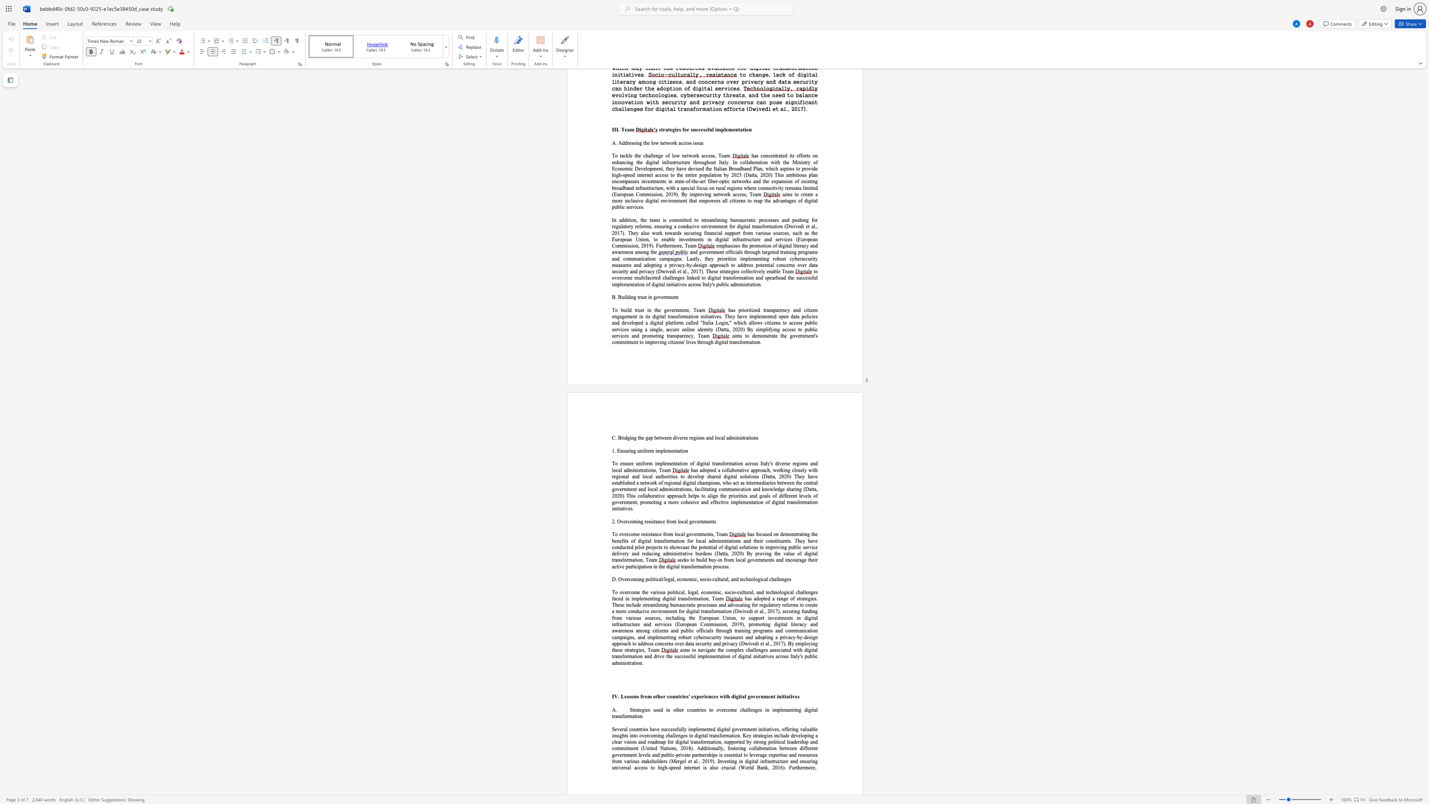 The image size is (1429, 804). I want to click on the subset text "cal governments" within the text "seeks to build buy-in from local governments and encourage their", so click(739, 559).